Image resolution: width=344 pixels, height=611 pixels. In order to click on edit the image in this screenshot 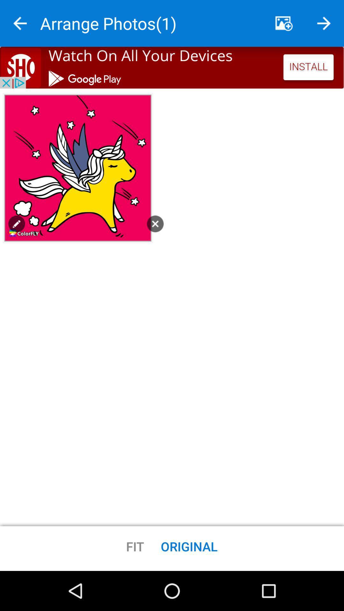, I will do `click(16, 224)`.